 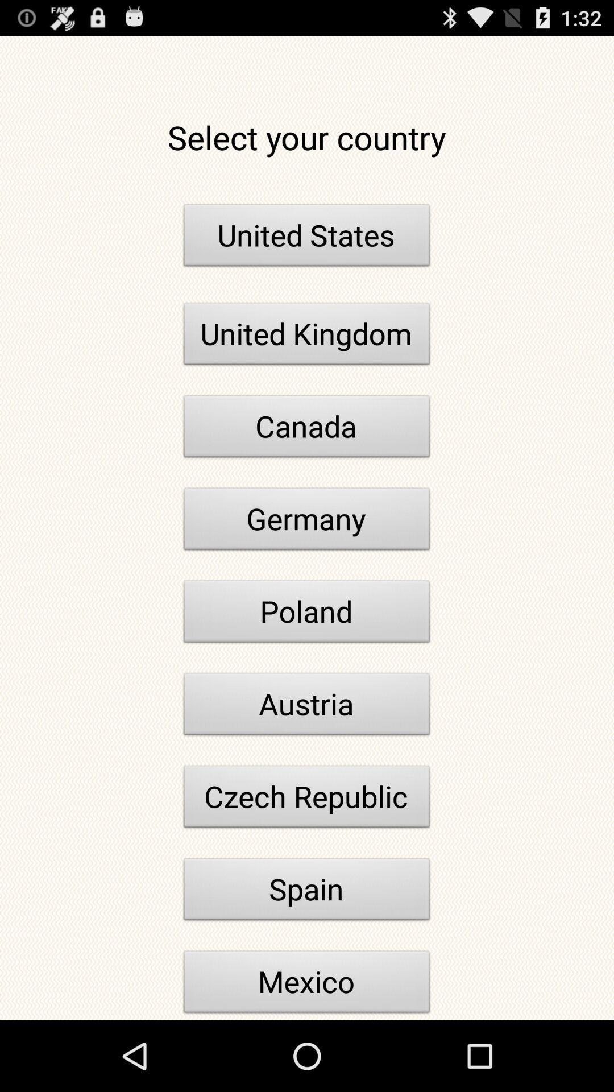 I want to click on canada item, so click(x=307, y=429).